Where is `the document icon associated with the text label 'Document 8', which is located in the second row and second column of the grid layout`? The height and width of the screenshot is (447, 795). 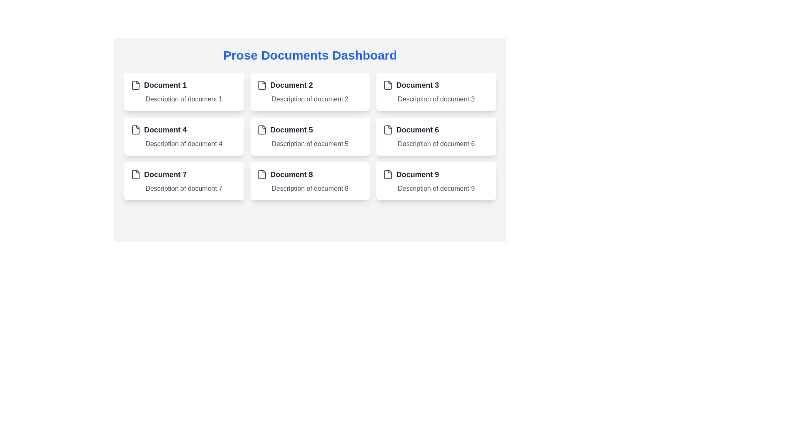 the document icon associated with the text label 'Document 8', which is located in the second row and second column of the grid layout is located at coordinates (261, 174).